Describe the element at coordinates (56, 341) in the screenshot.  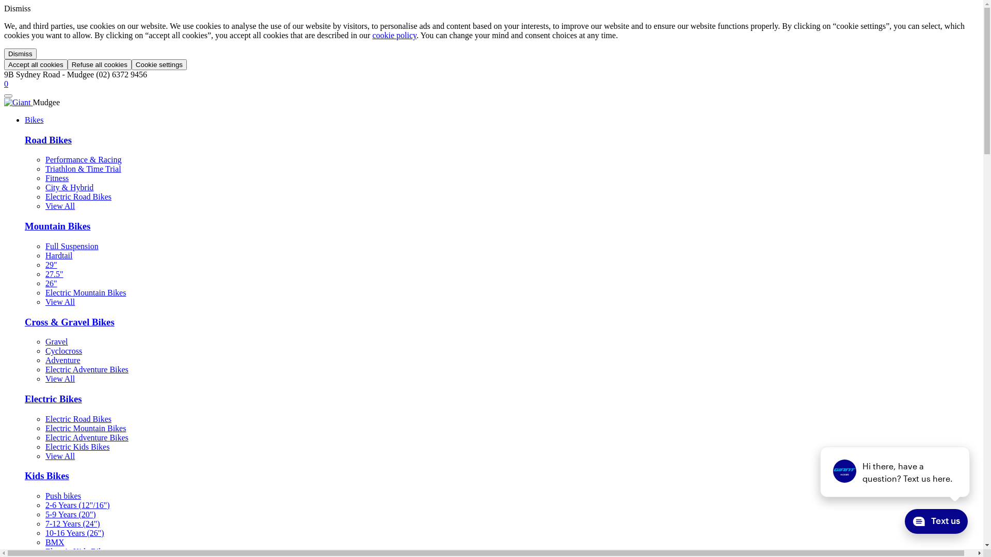
I see `'Gravel'` at that location.